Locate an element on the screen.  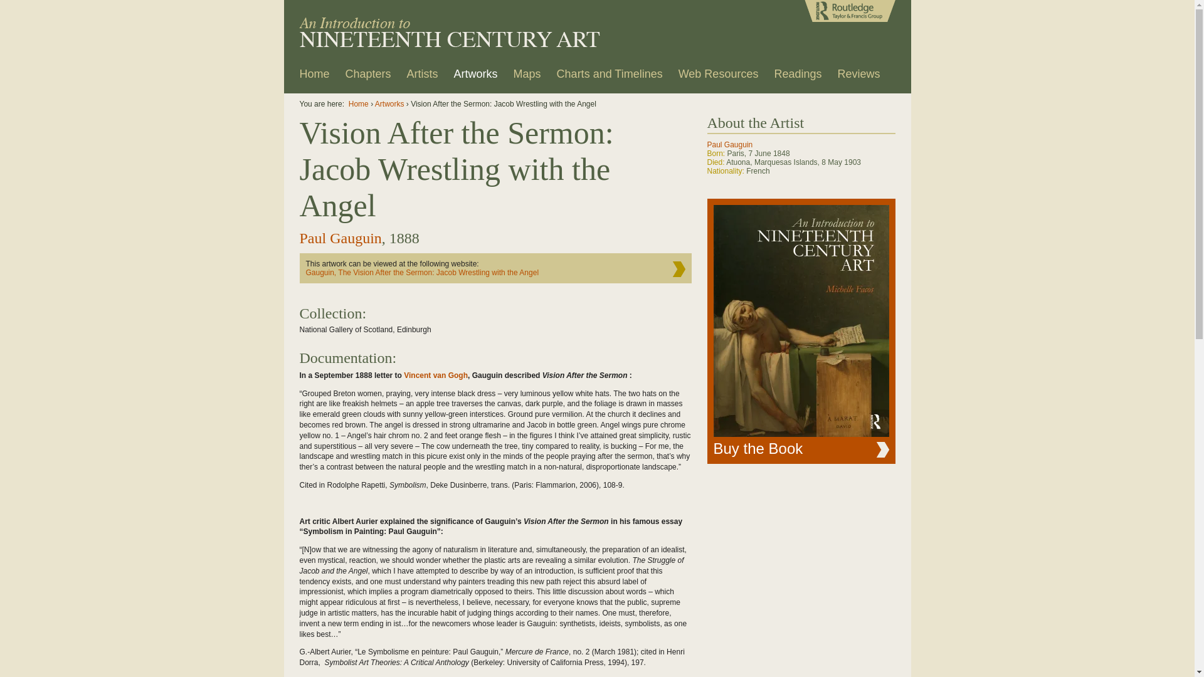
'Home' is located at coordinates (292, 78).